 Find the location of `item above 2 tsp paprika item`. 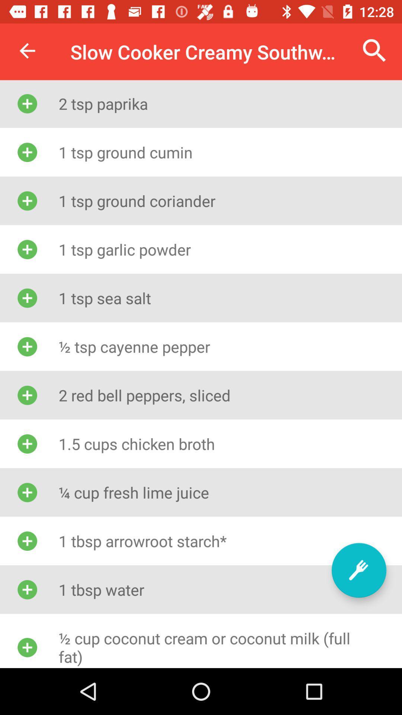

item above 2 tsp paprika item is located at coordinates (27, 50).